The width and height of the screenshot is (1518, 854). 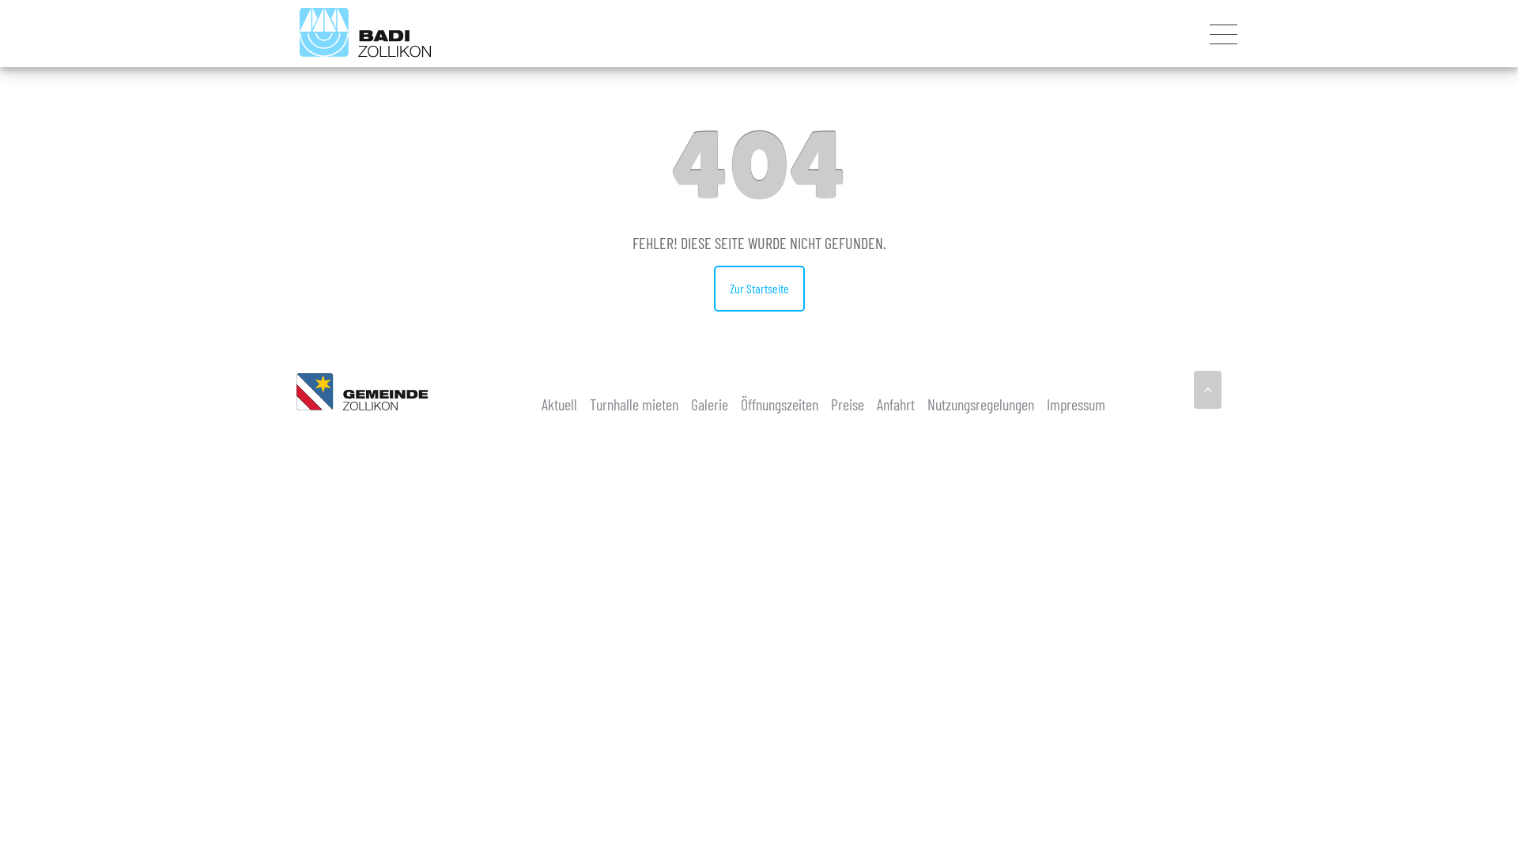 I want to click on 'Galerie', so click(x=708, y=402).